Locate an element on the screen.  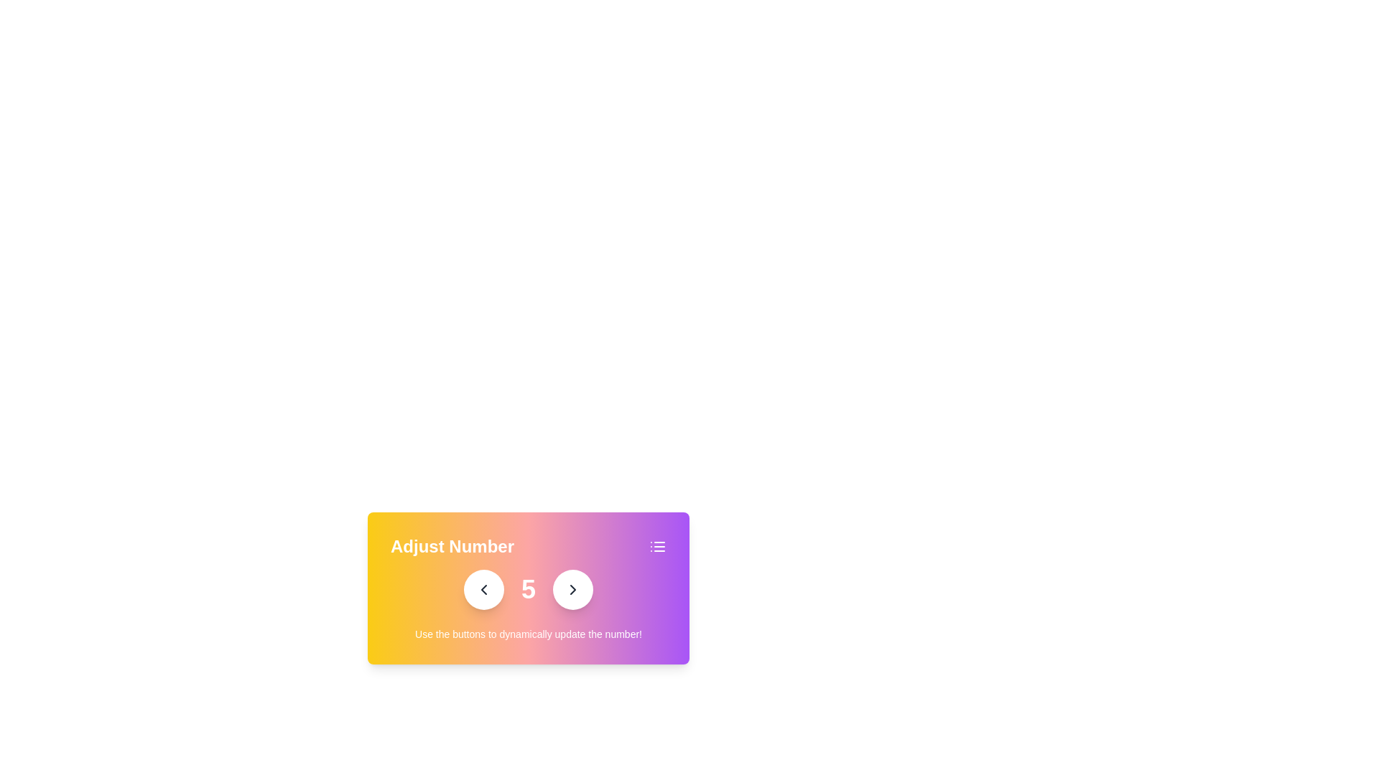
the static text label that displays 'Adjust Number', styled in bold and large white font against a yellow to pink background is located at coordinates (451, 547).